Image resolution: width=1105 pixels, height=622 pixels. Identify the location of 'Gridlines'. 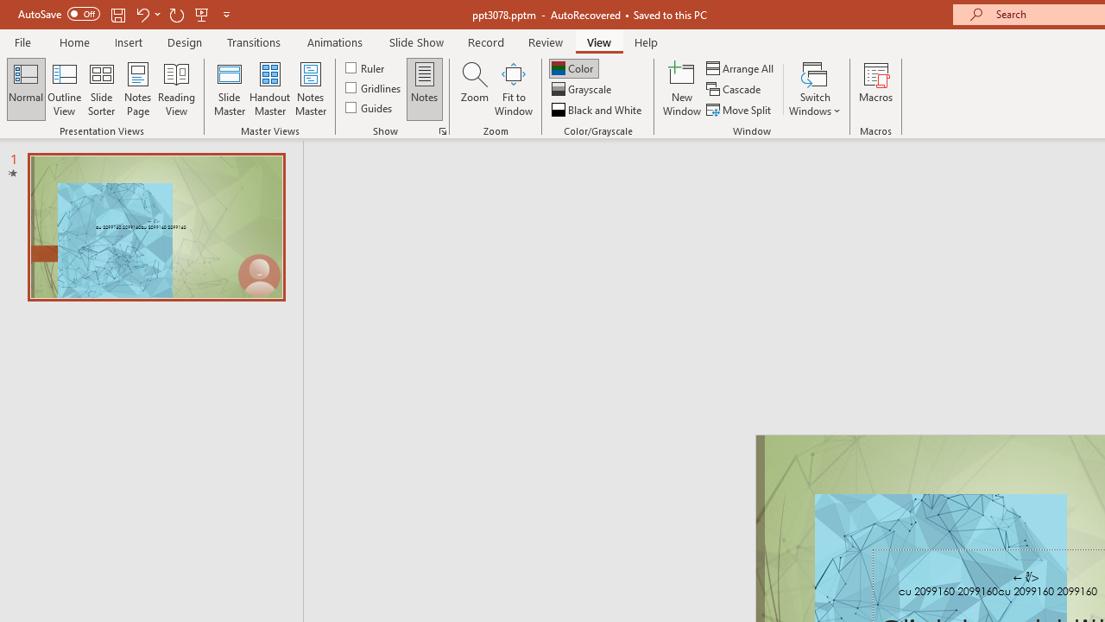
(373, 87).